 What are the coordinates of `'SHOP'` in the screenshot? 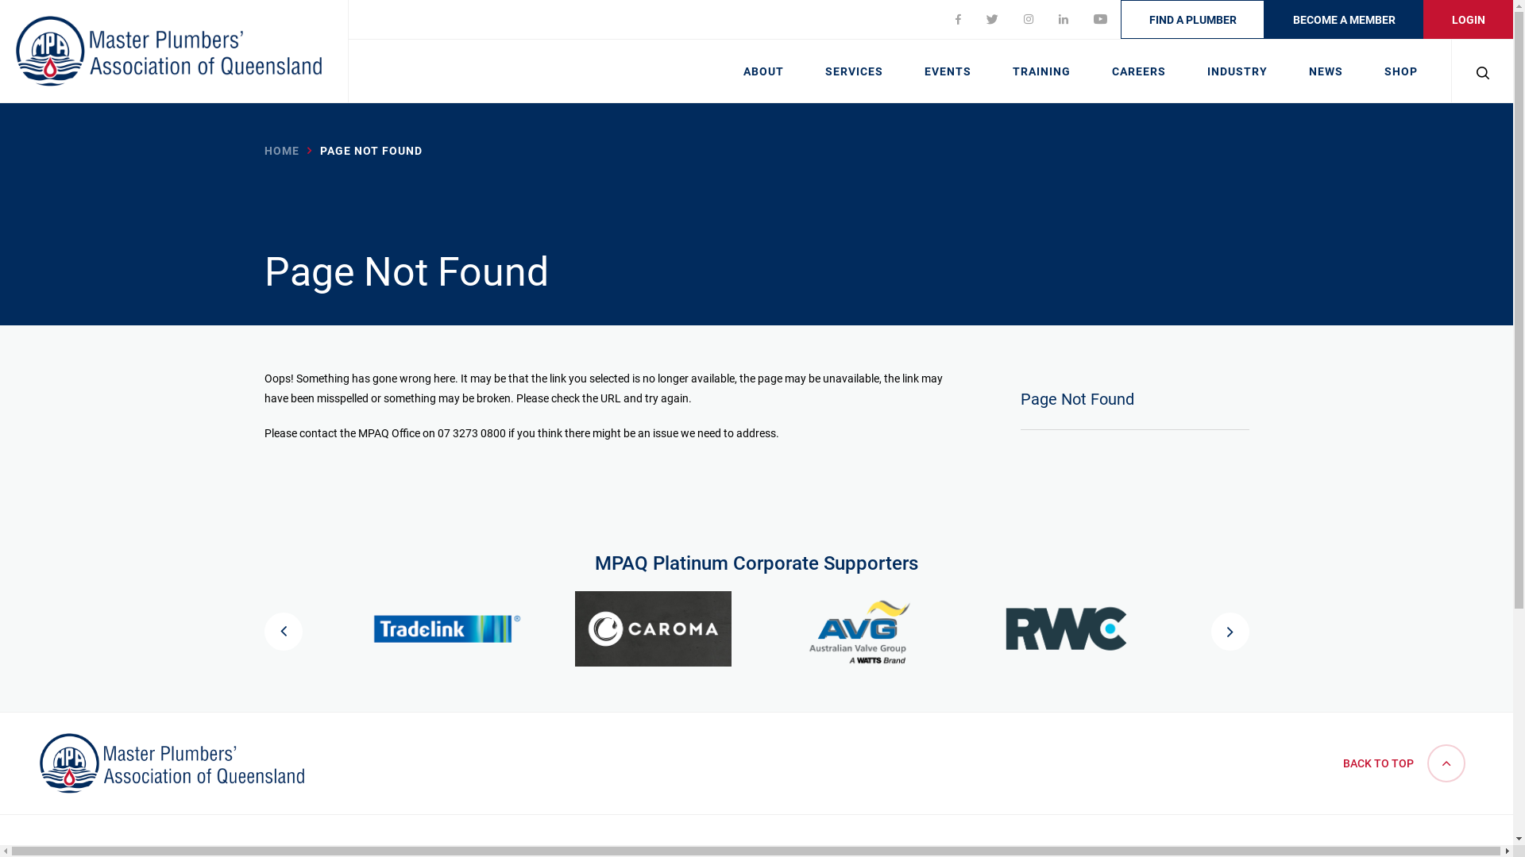 It's located at (1400, 69).